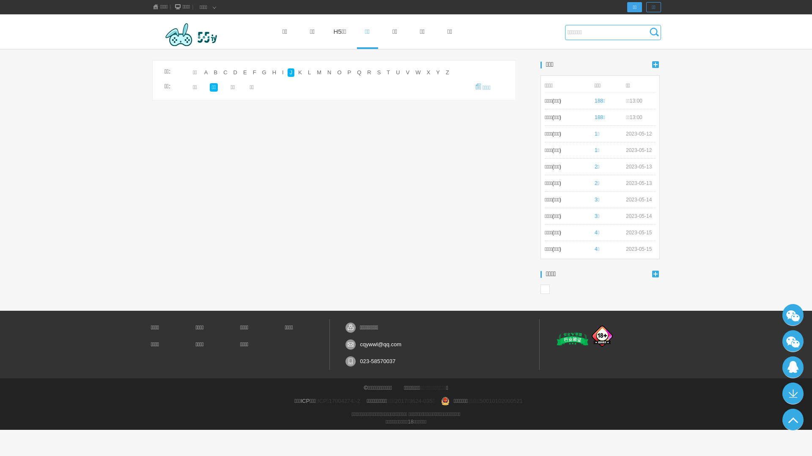 The width and height of the screenshot is (812, 456). Describe the element at coordinates (329, 72) in the screenshot. I see `'N'` at that location.